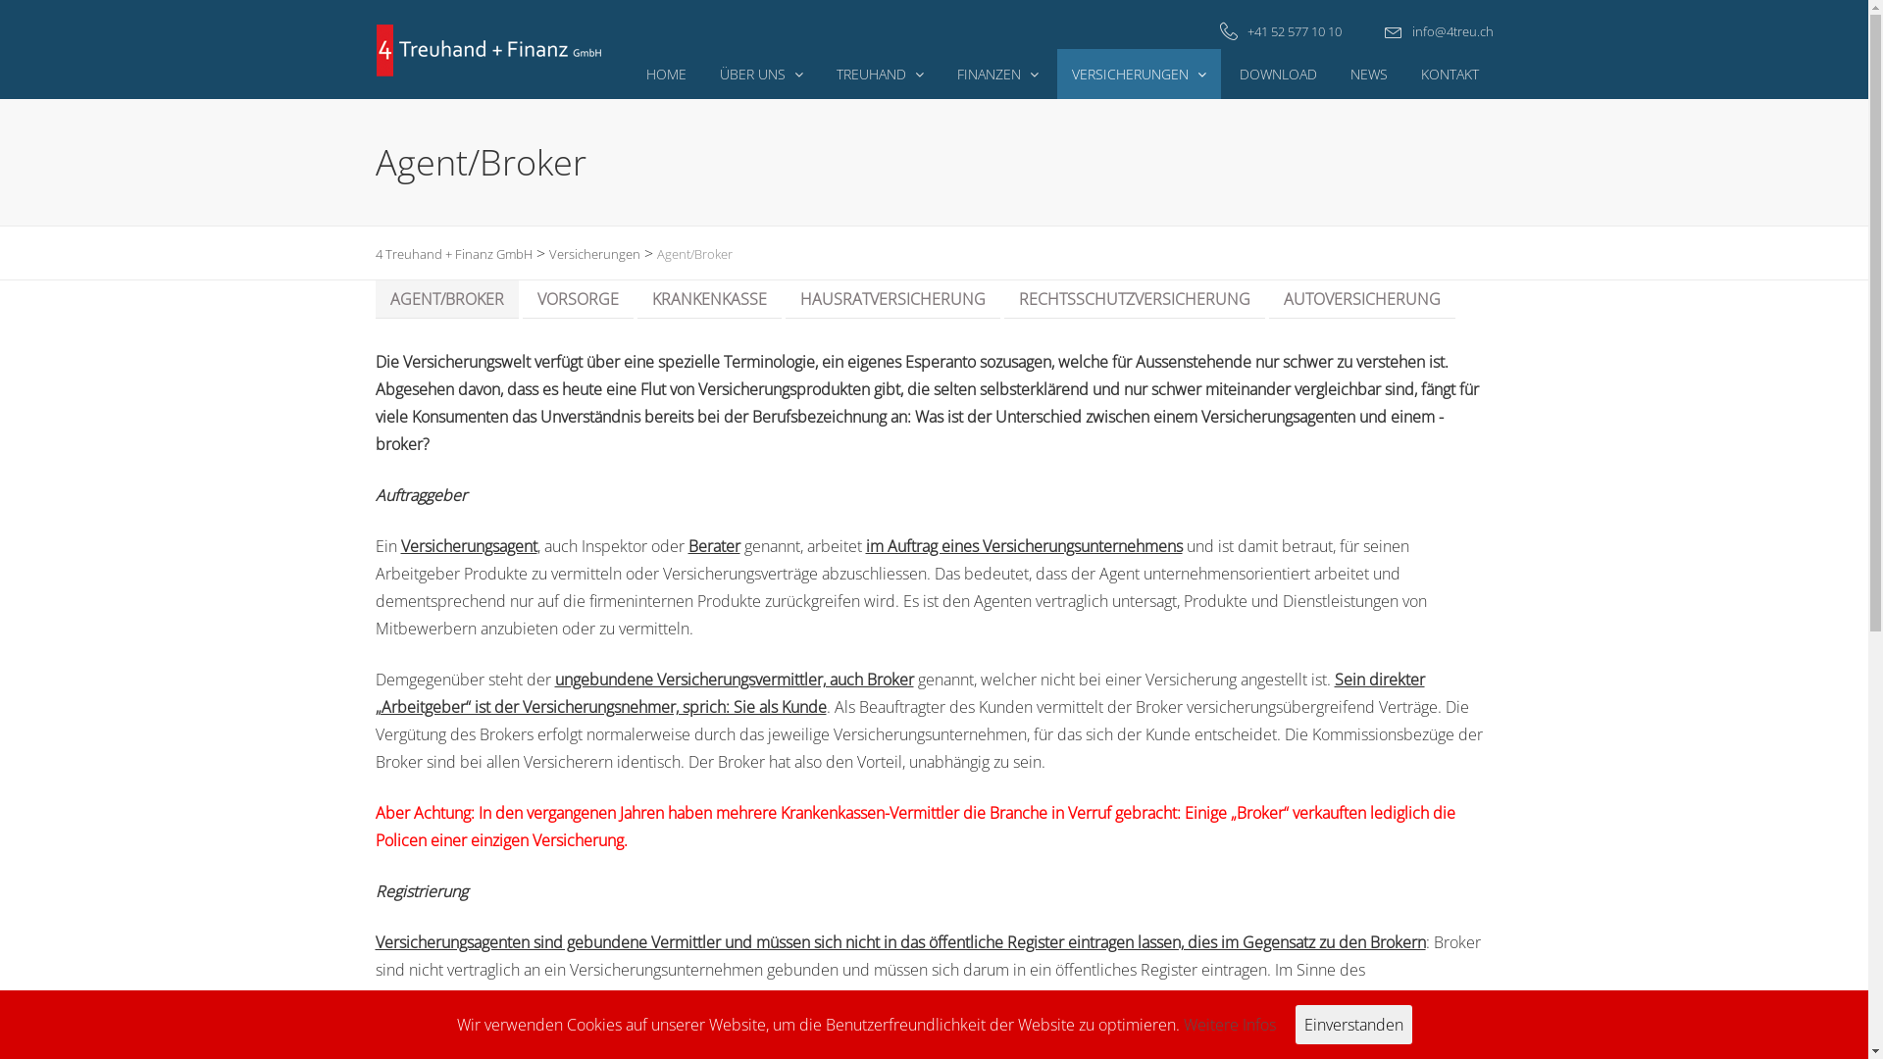  What do you see at coordinates (1335, 73) in the screenshot?
I see `'NEWS'` at bounding box center [1335, 73].